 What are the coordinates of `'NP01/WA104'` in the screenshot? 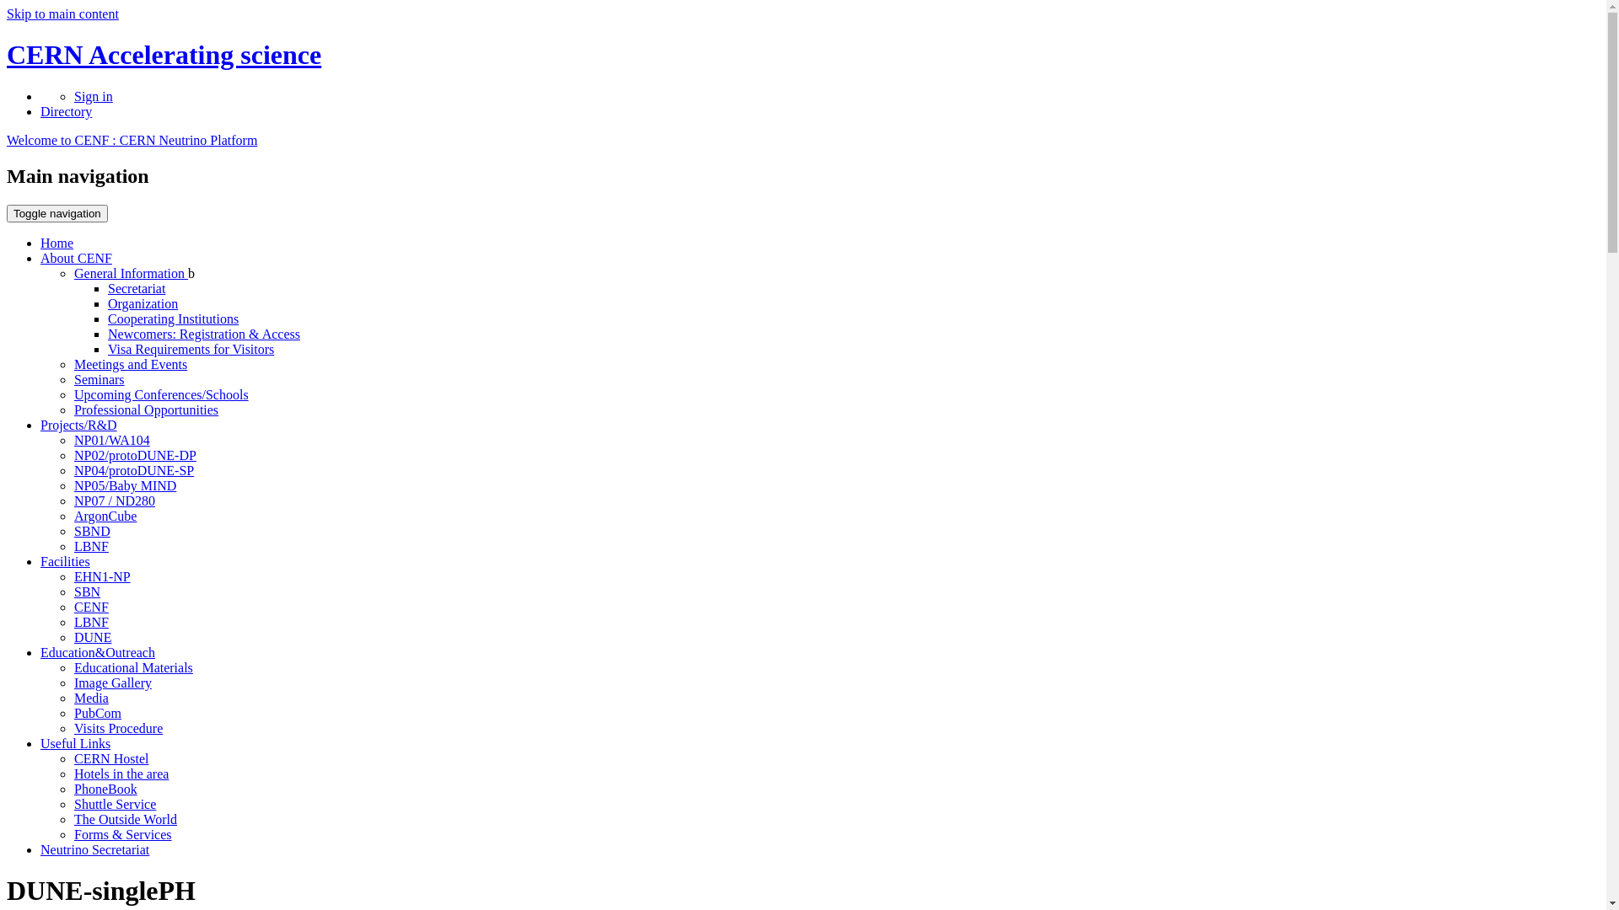 It's located at (73, 439).